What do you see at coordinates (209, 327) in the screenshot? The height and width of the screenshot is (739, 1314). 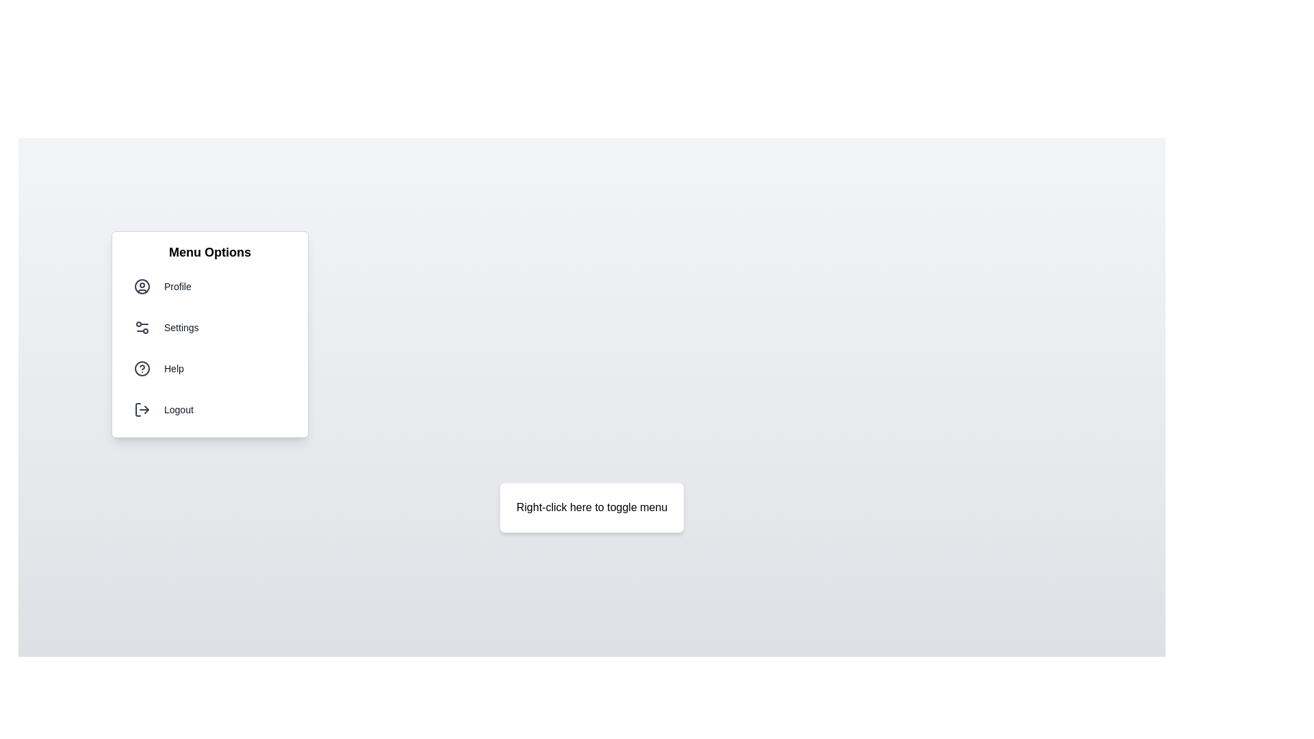 I see `the menu item Settings to highlight it` at bounding box center [209, 327].